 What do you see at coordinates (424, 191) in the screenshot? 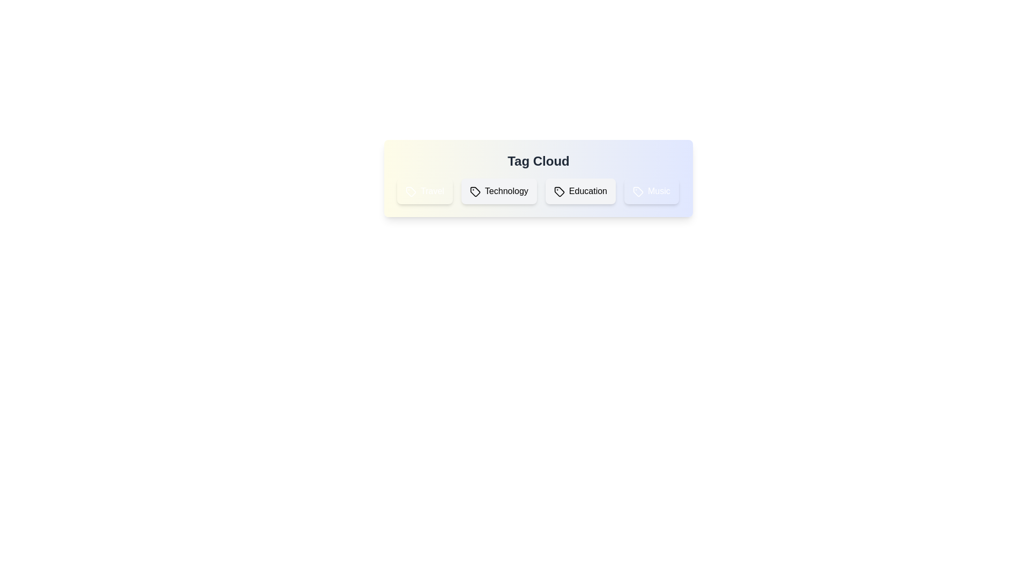
I see `the tag Travel` at bounding box center [424, 191].